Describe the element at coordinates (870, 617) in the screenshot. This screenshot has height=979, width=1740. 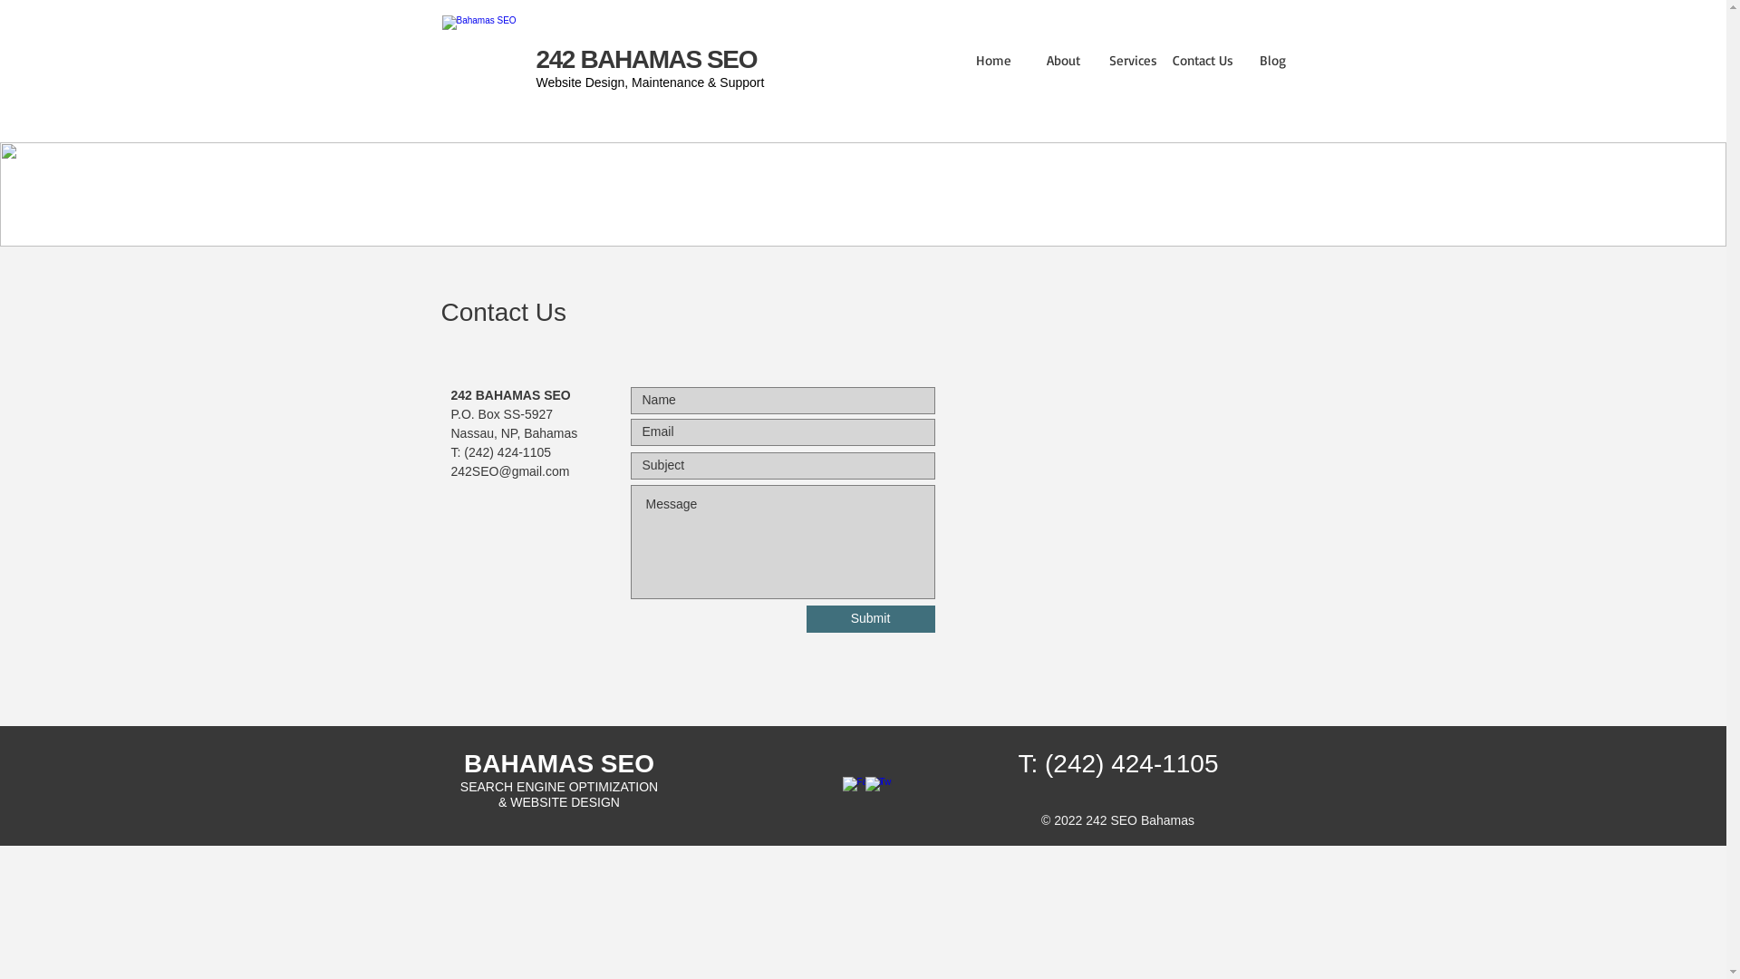
I see `'Submit'` at that location.